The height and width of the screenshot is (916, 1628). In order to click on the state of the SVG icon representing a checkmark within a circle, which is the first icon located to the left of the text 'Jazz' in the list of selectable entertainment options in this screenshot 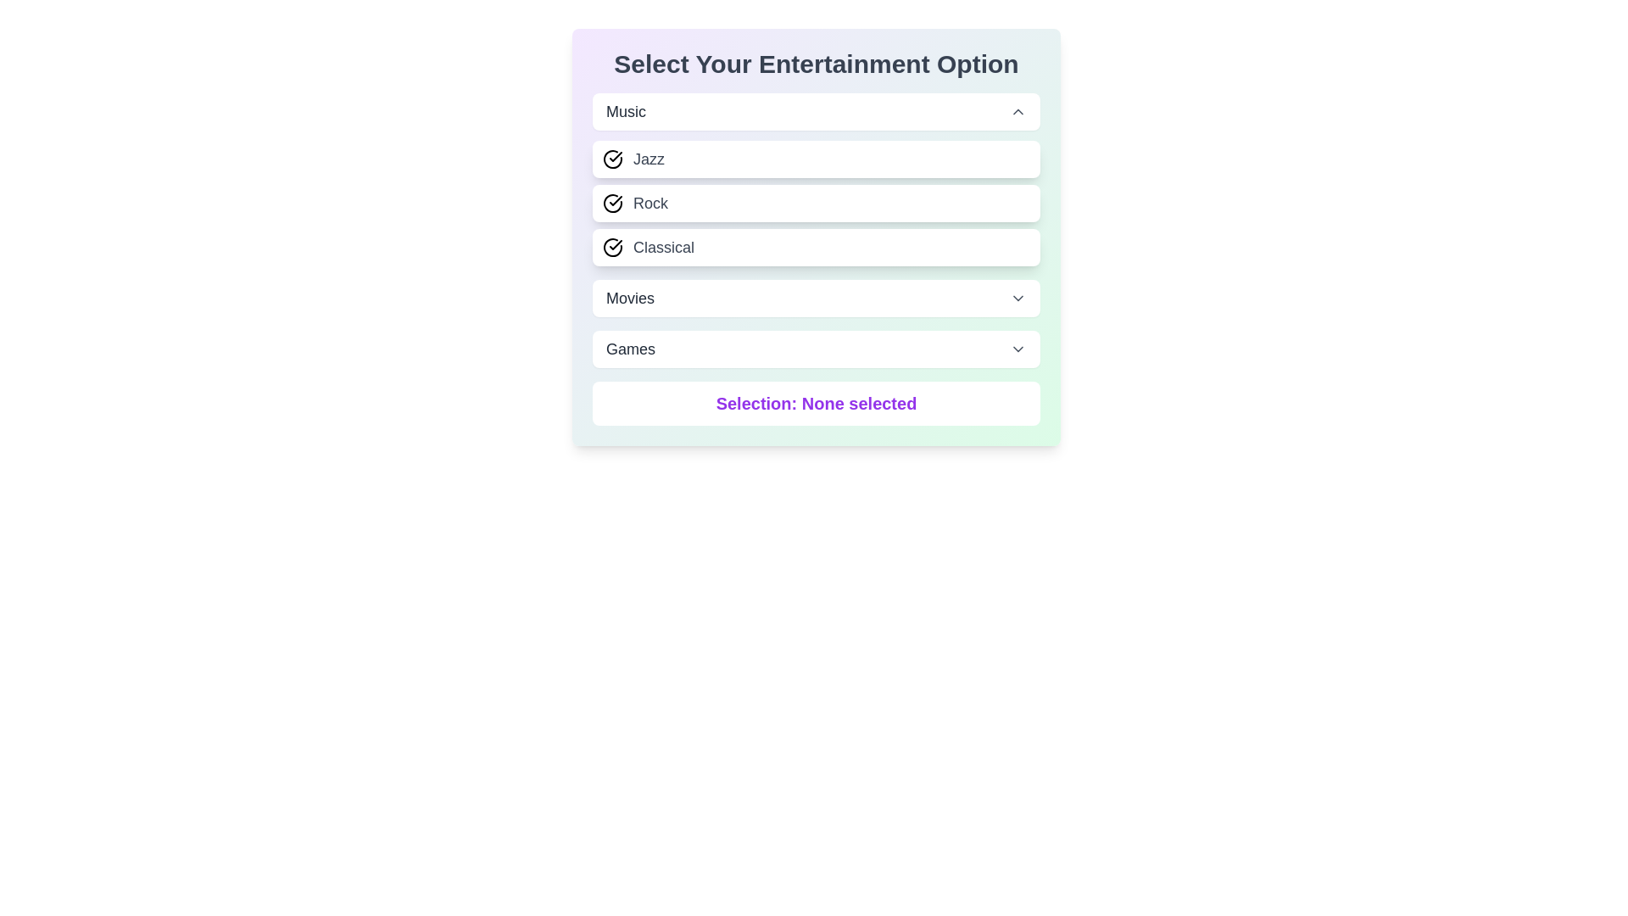, I will do `click(612, 159)`.